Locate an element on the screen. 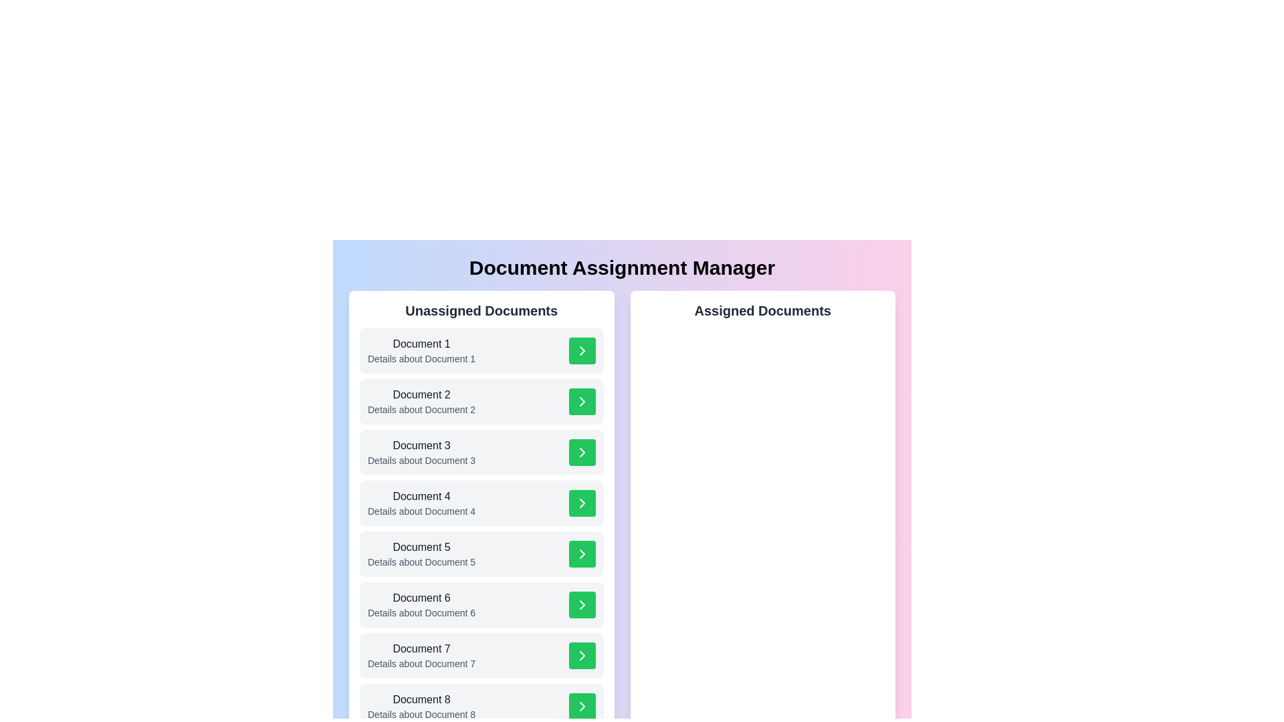 The width and height of the screenshot is (1284, 722). the chevron-shaped icon button within the green circular button located in the 'Unassigned Documents' column for 'Document 5' is located at coordinates (582, 554).